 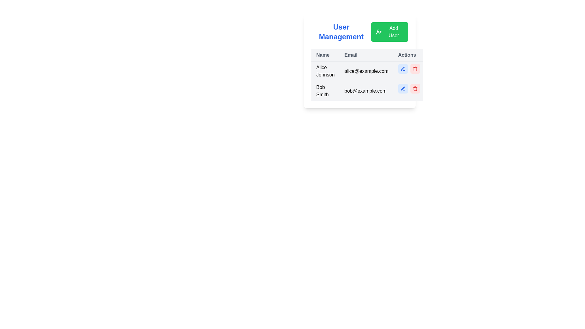 What do you see at coordinates (368, 71) in the screenshot?
I see `the name or email field in the first row of the user management table` at bounding box center [368, 71].